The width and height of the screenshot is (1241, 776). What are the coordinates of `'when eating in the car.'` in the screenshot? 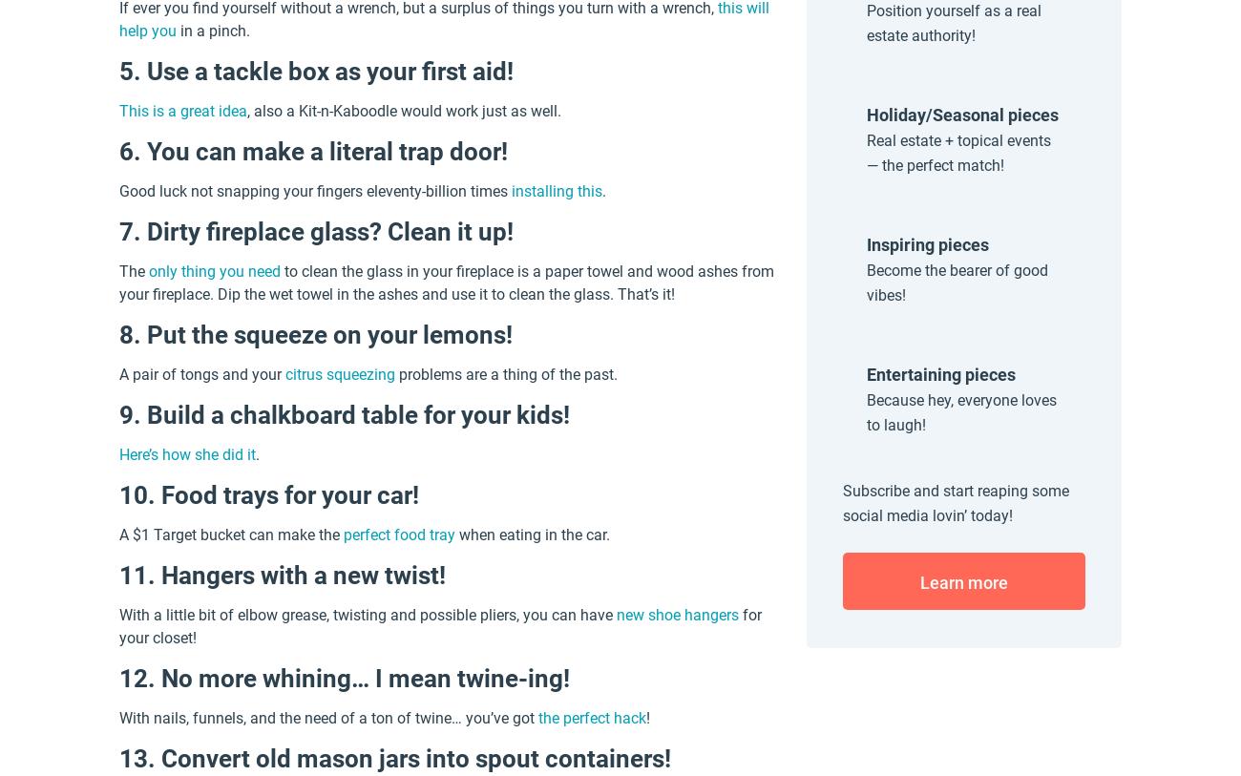 It's located at (531, 535).